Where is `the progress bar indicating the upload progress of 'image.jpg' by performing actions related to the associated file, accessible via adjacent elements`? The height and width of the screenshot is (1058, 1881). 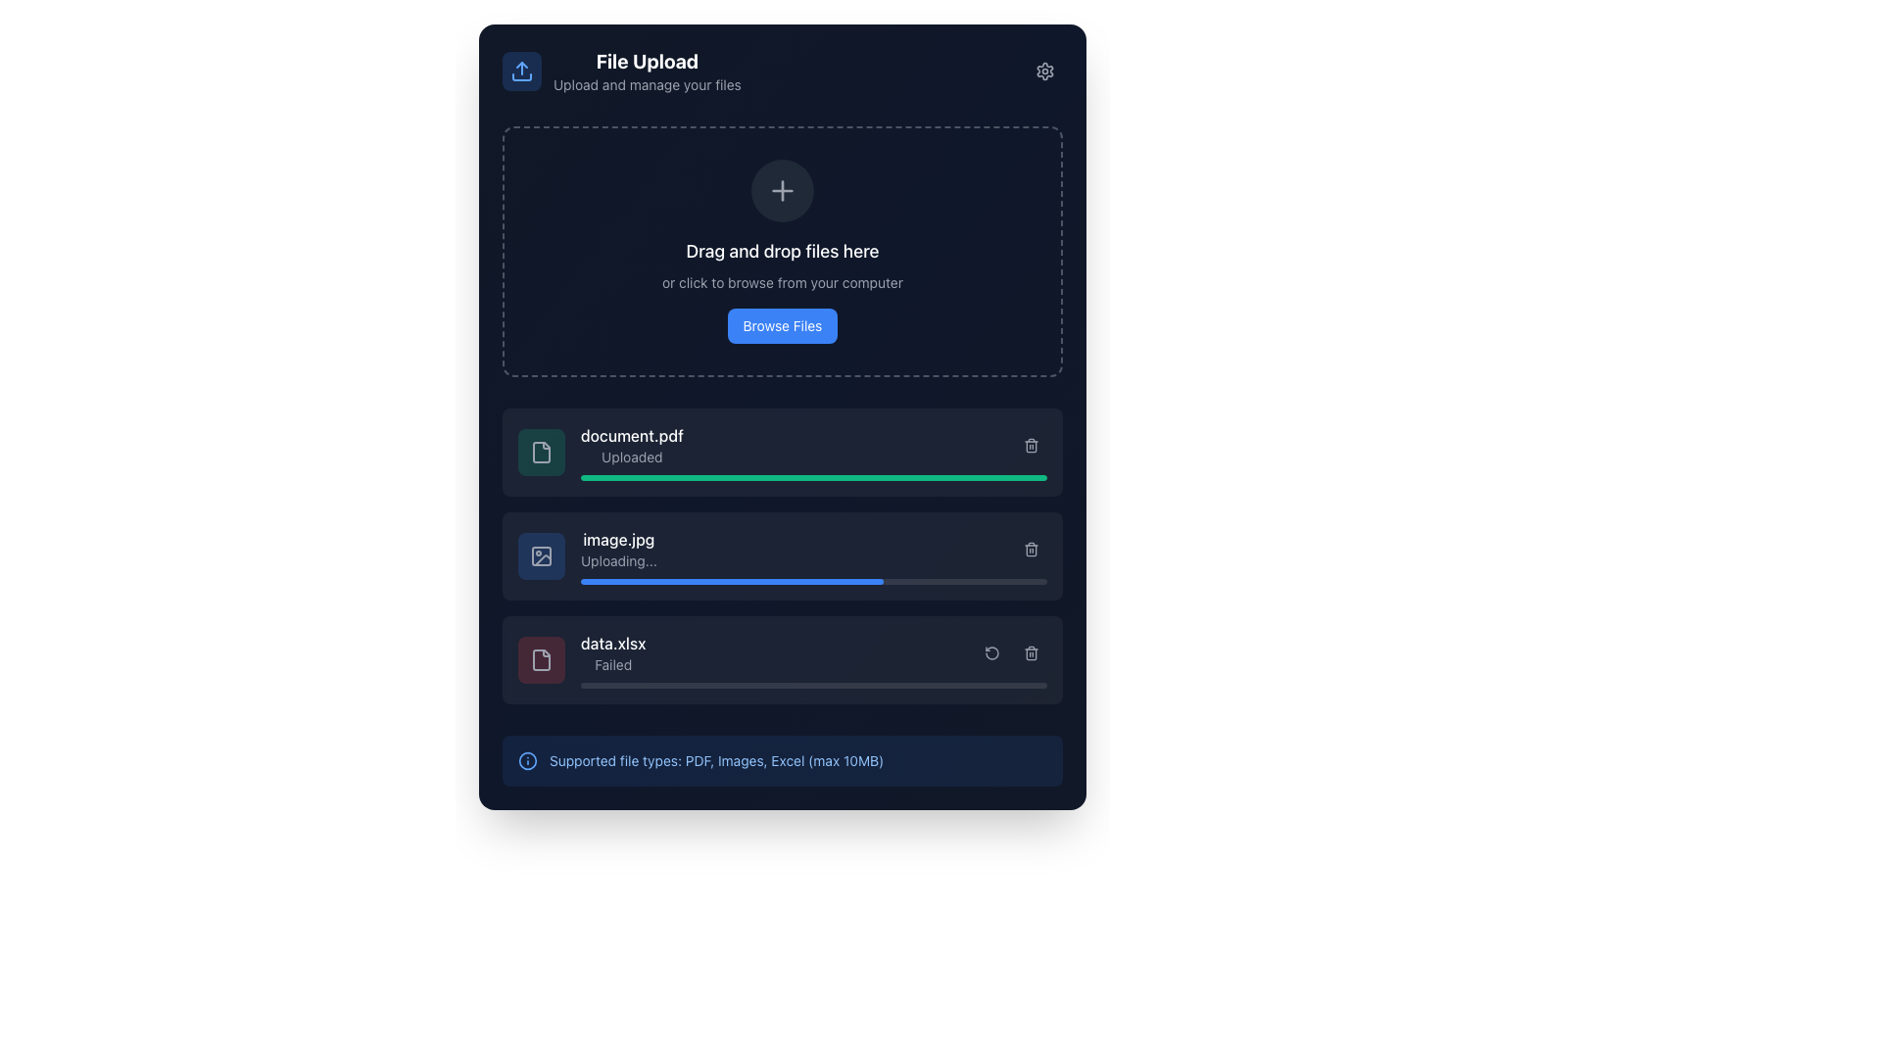 the progress bar indicating the upload progress of 'image.jpg' by performing actions related to the associated file, accessible via adjacent elements is located at coordinates (731, 581).